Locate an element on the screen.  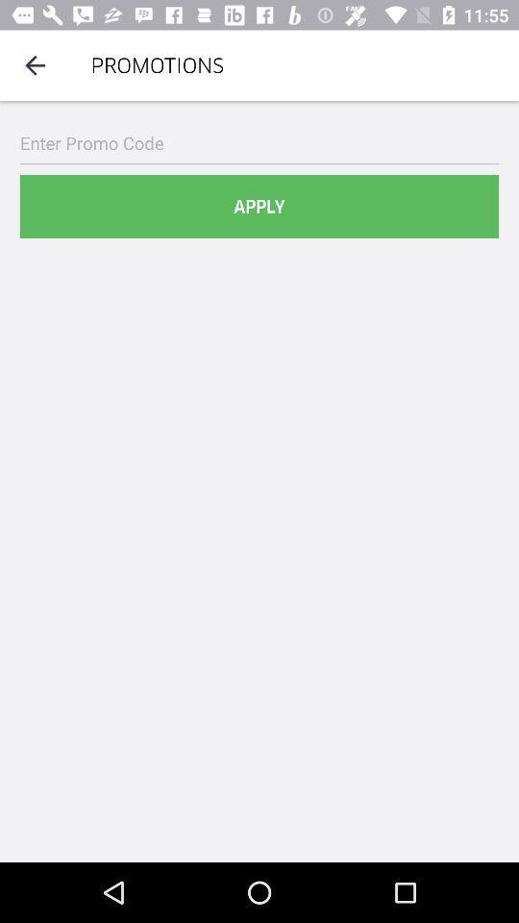
the apply icon is located at coordinates (259, 207).